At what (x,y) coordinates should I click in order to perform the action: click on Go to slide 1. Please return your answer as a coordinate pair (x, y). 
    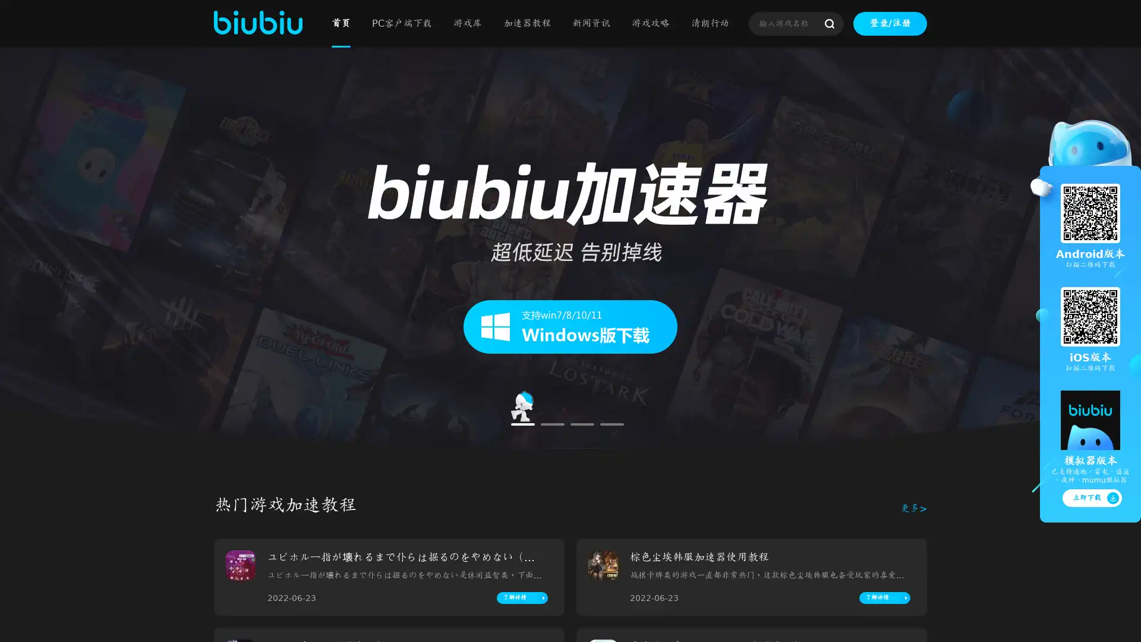
    Looking at the image, I should click on (522, 405).